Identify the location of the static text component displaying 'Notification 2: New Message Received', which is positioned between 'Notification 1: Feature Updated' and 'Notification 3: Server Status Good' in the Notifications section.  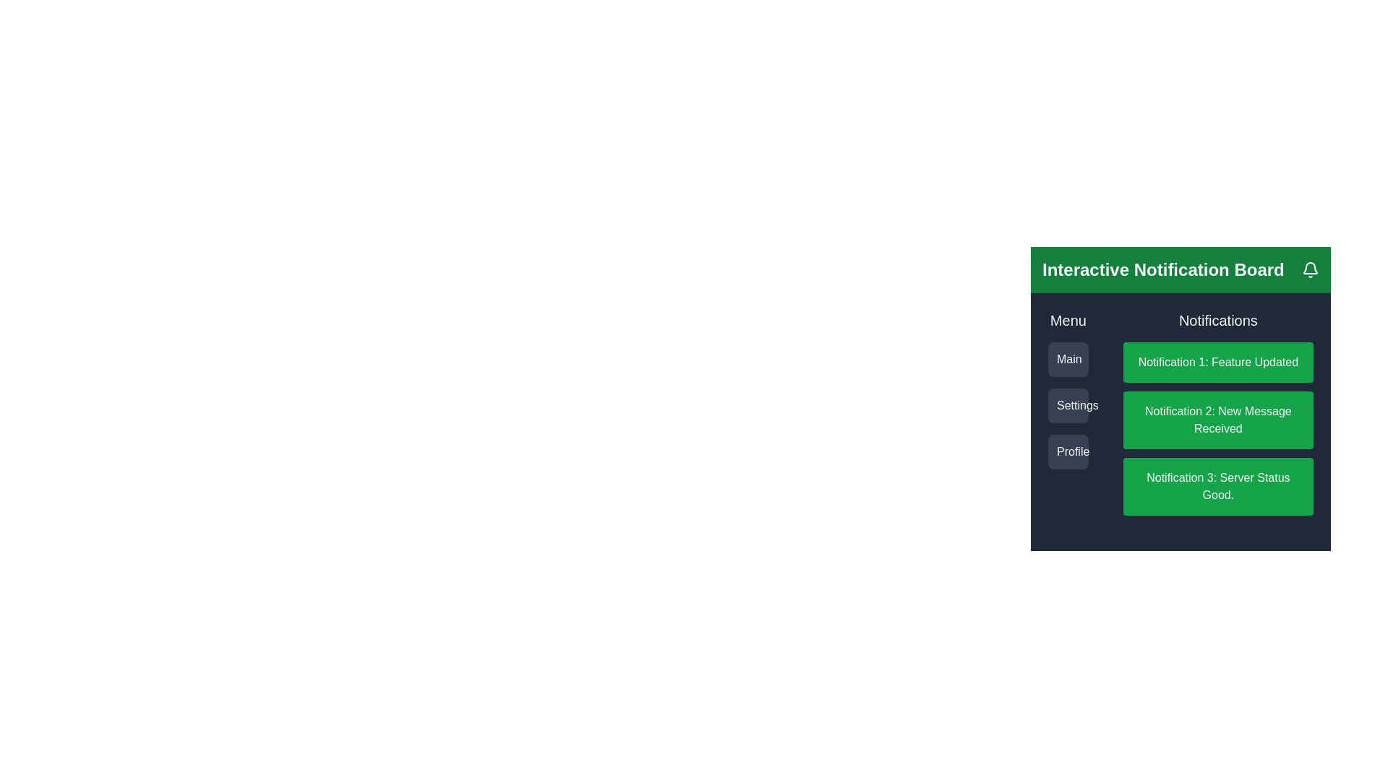
(1217, 428).